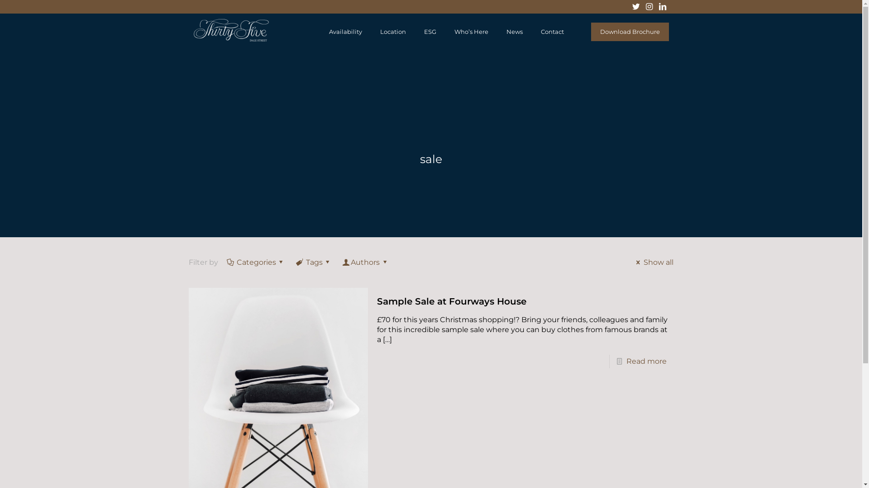 The height and width of the screenshot is (488, 869). What do you see at coordinates (430, 31) in the screenshot?
I see `'ESG'` at bounding box center [430, 31].